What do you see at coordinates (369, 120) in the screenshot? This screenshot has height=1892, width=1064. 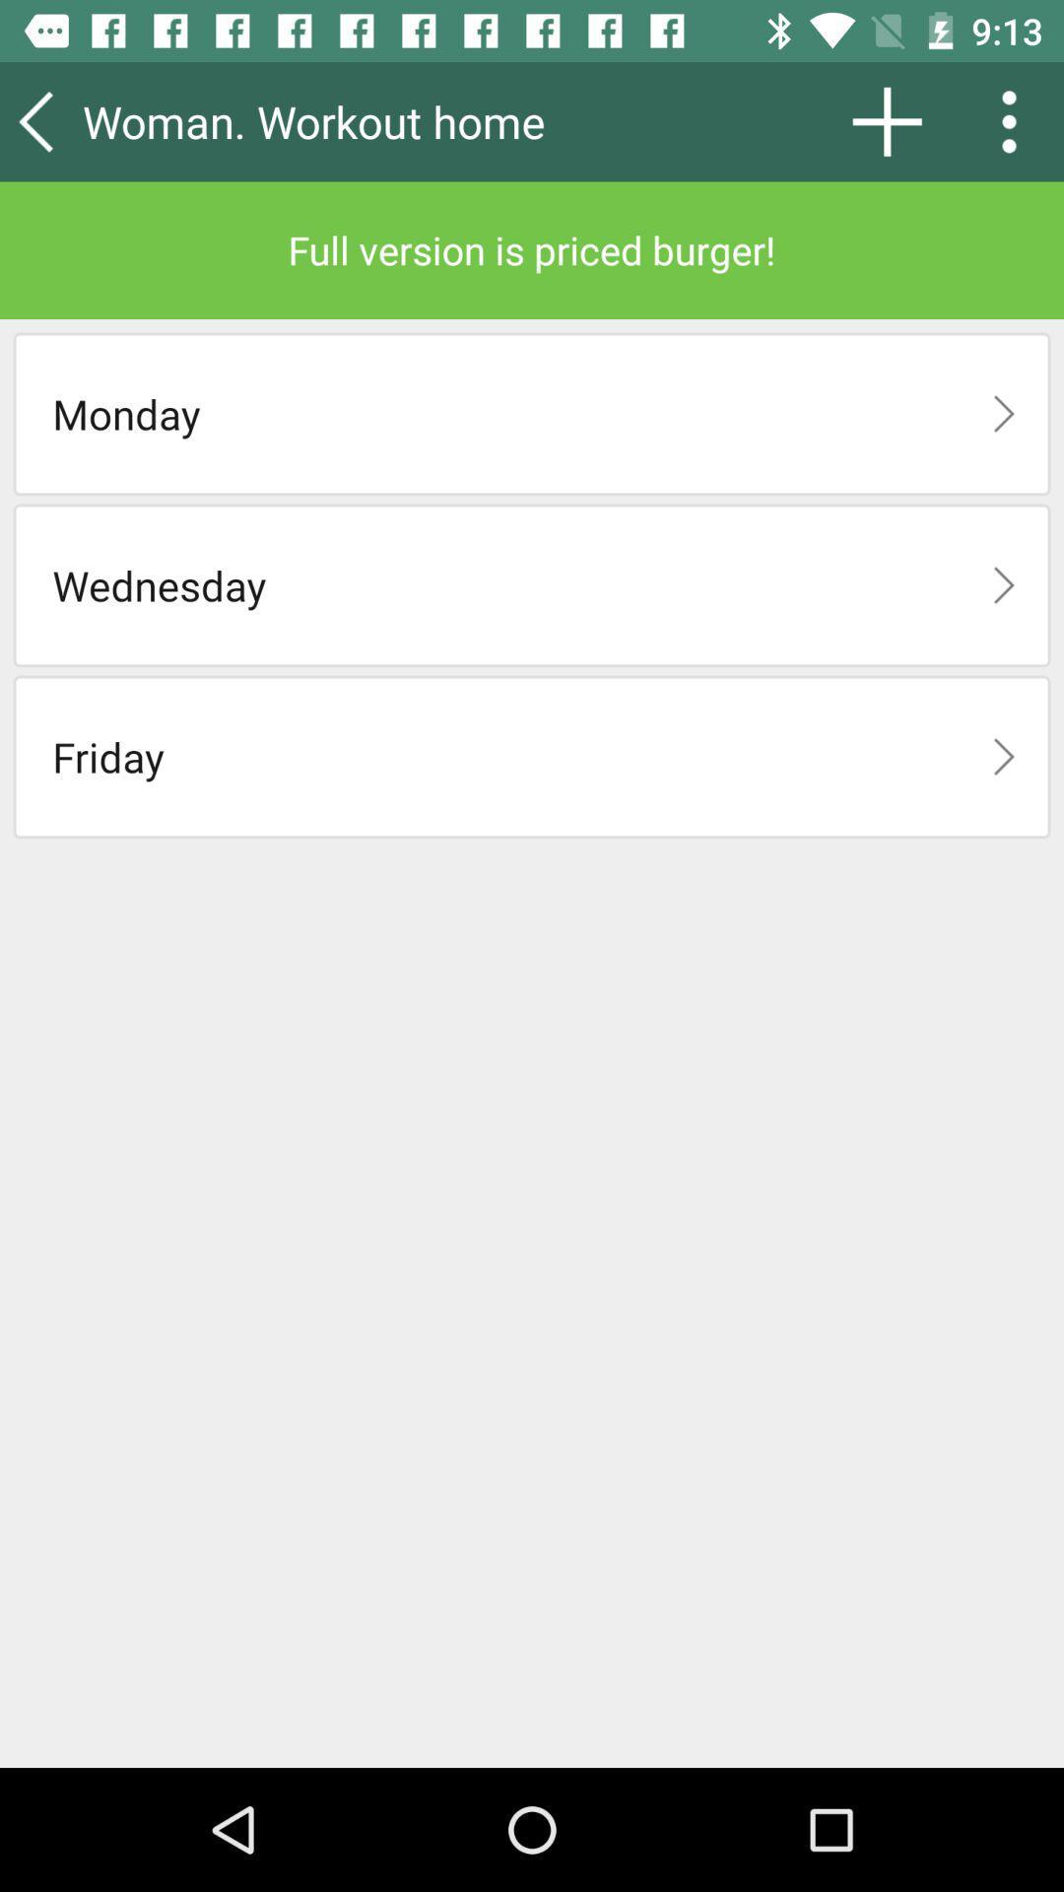 I see `app above the full version is` at bounding box center [369, 120].